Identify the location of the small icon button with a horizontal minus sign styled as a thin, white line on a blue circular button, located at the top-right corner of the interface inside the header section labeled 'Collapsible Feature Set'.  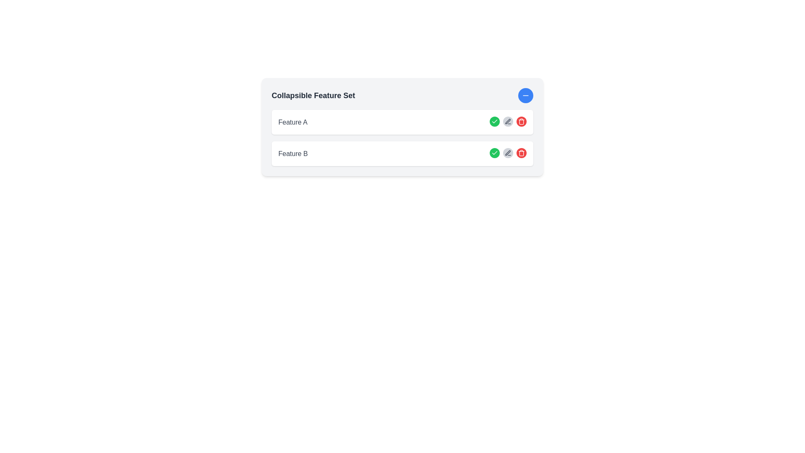
(525, 95).